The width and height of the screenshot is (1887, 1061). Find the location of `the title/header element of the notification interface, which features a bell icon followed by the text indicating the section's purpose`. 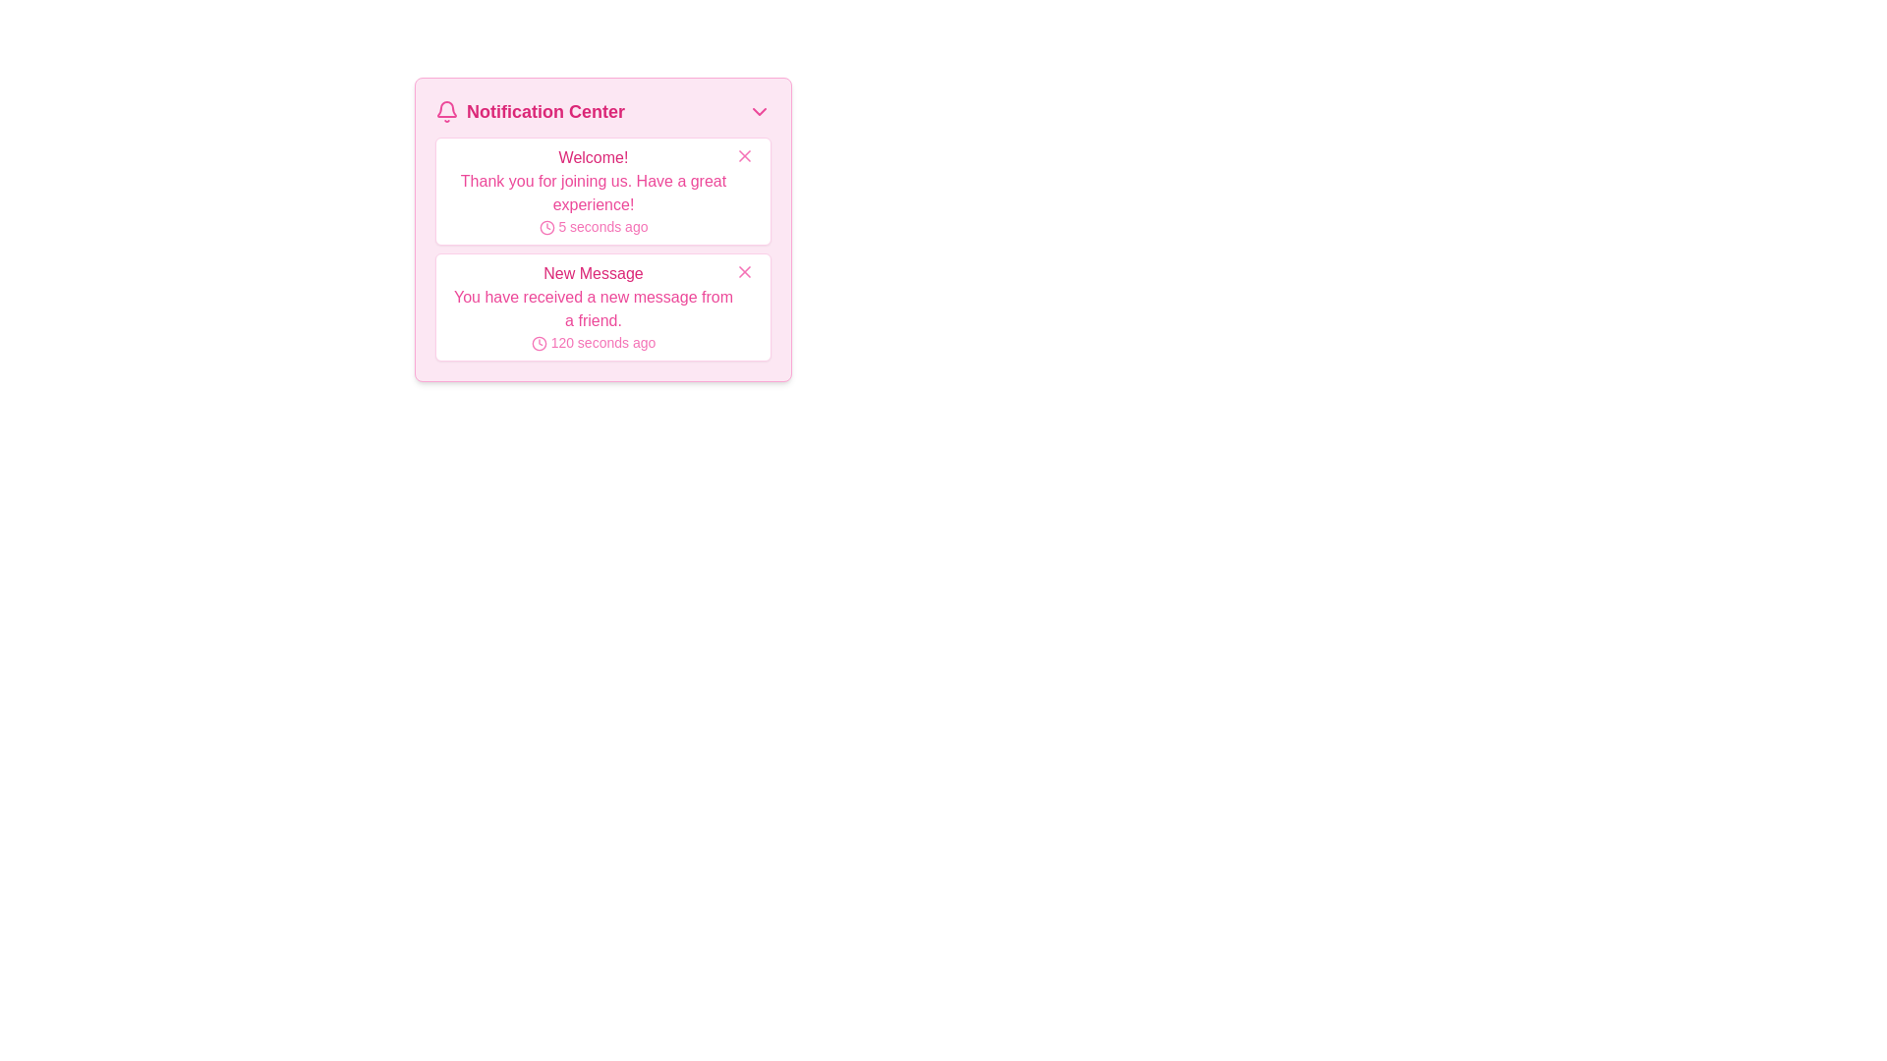

the title/header element of the notification interface, which features a bell icon followed by the text indicating the section's purpose is located at coordinates (530, 112).